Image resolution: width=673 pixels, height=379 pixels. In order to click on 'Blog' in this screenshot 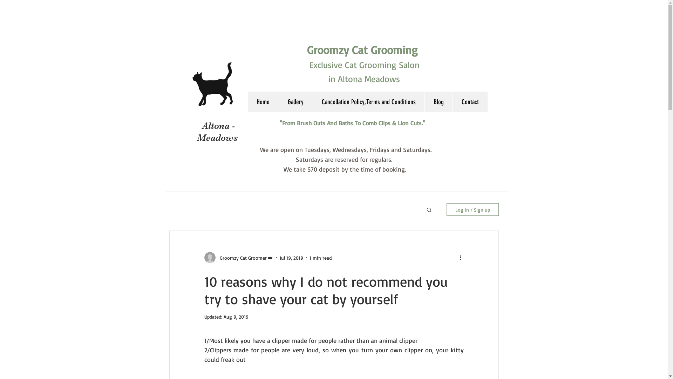, I will do `click(437, 102)`.